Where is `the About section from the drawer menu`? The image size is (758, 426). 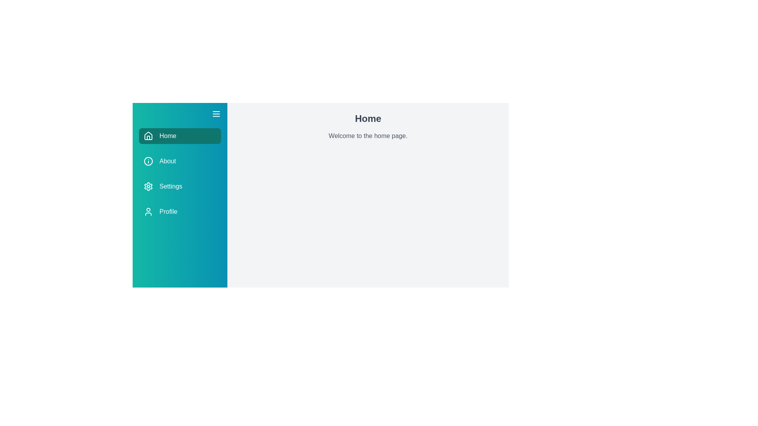
the About section from the drawer menu is located at coordinates (180, 161).